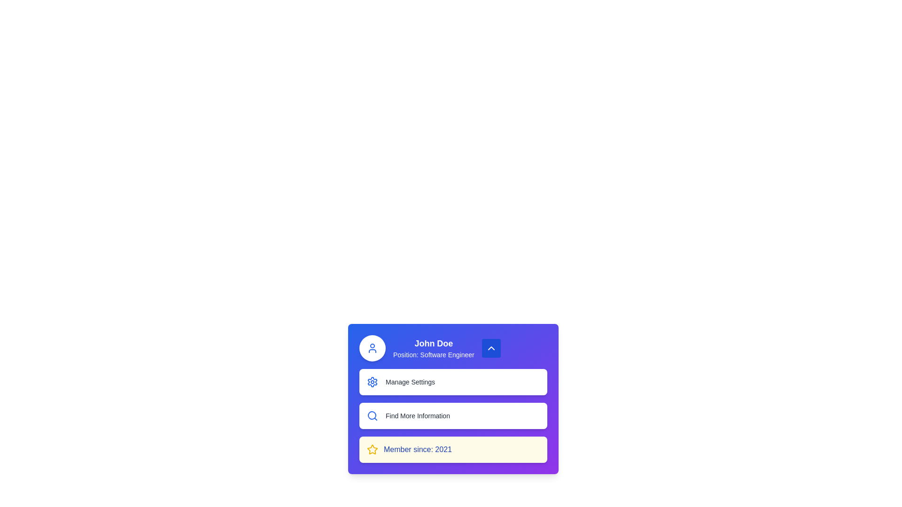 This screenshot has width=902, height=507. What do you see at coordinates (372, 449) in the screenshot?
I see `the star icon with a yellow border located at the bottom-right corner of the 'Member since: 2021' section` at bounding box center [372, 449].